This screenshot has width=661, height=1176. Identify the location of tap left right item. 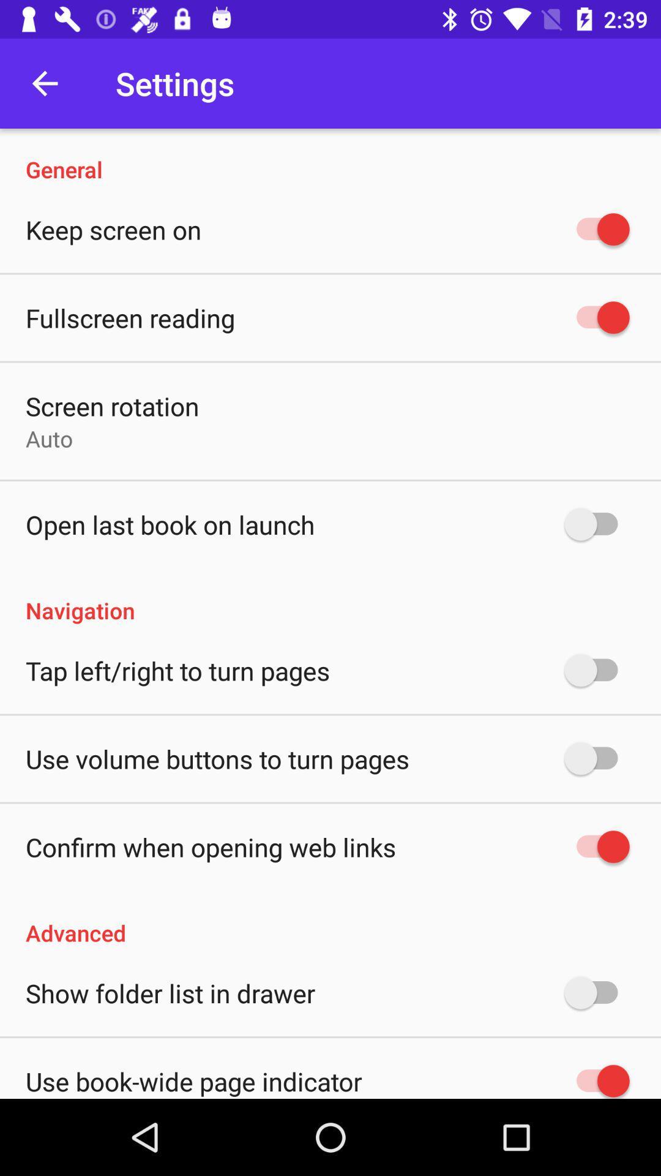
(177, 669).